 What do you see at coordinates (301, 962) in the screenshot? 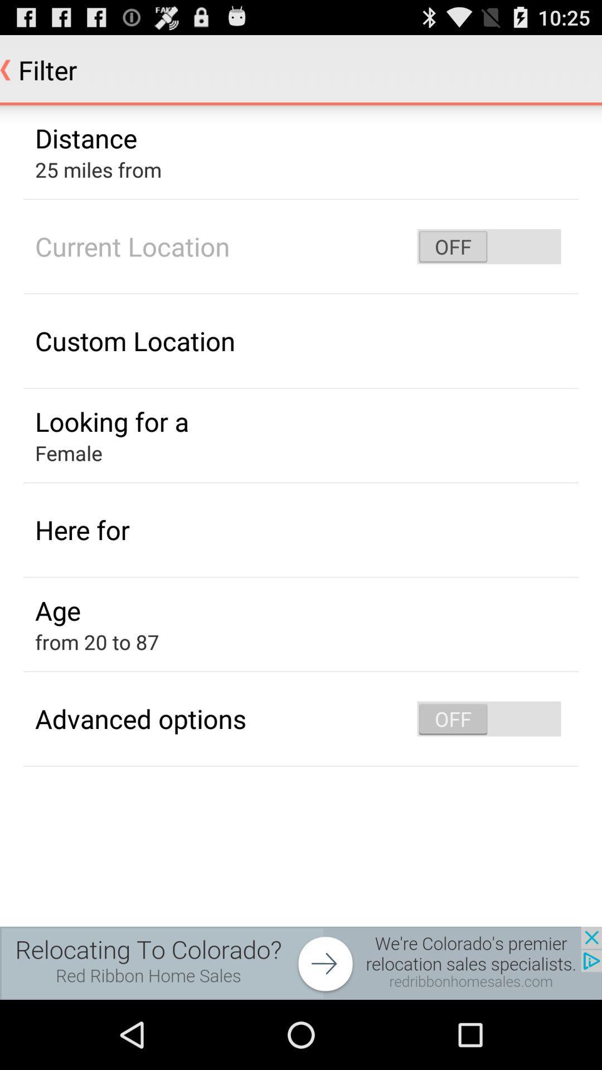
I see `search` at bounding box center [301, 962].